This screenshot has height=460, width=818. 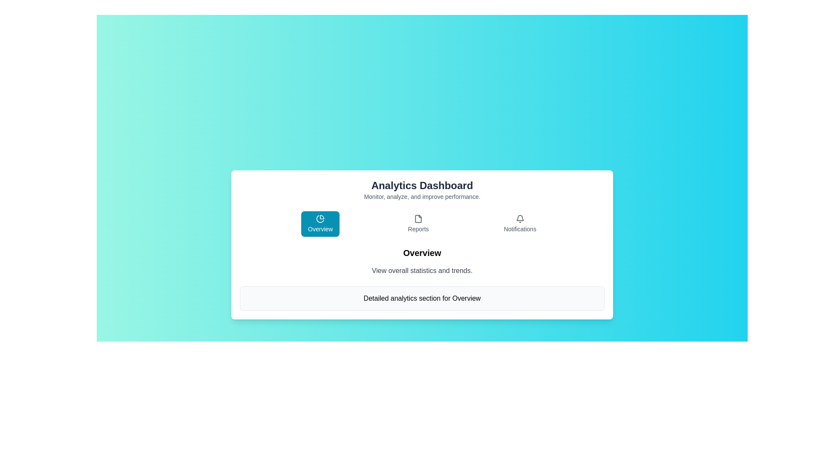 What do you see at coordinates (519, 223) in the screenshot?
I see `the 'Notifications' tab to switch to the notifications view` at bounding box center [519, 223].